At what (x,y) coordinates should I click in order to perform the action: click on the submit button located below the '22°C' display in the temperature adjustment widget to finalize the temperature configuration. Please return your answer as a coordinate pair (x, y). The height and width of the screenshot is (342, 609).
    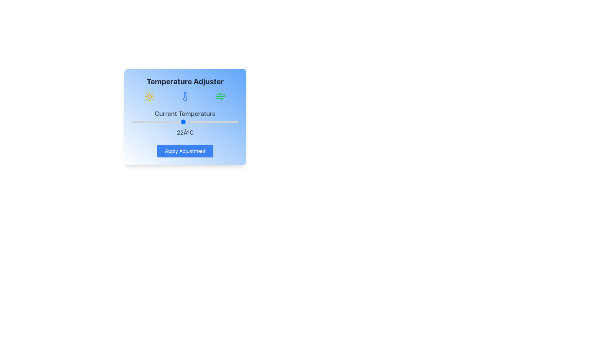
    Looking at the image, I should click on (185, 151).